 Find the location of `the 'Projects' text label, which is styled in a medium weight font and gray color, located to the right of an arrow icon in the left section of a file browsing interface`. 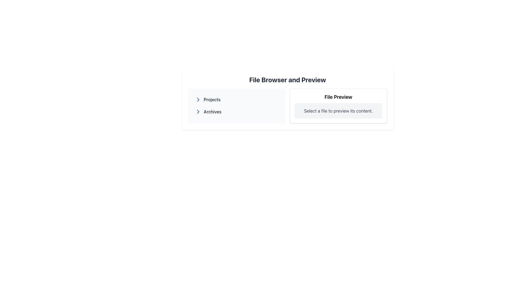

the 'Projects' text label, which is styled in a medium weight font and gray color, located to the right of an arrow icon in the left section of a file browsing interface is located at coordinates (212, 100).